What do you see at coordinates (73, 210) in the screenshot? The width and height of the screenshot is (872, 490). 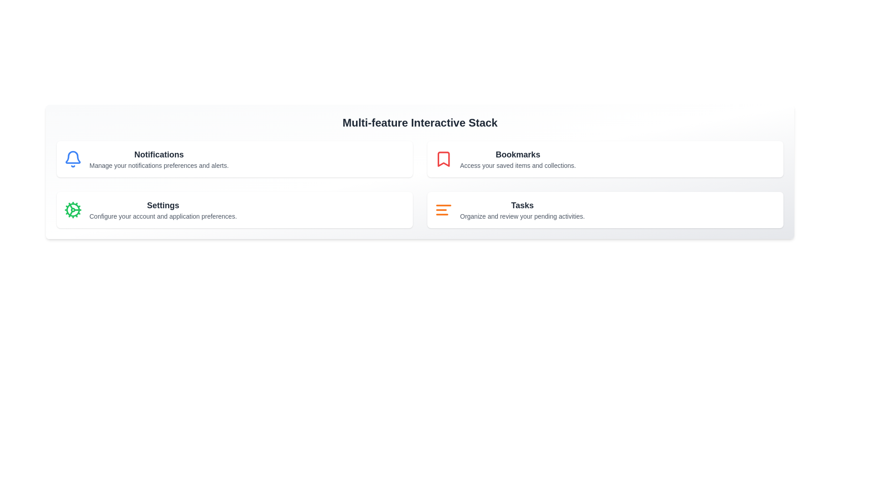 I see `the function of the green cogwheel icon located next to the 'Settings' text in the Settings panel` at bounding box center [73, 210].